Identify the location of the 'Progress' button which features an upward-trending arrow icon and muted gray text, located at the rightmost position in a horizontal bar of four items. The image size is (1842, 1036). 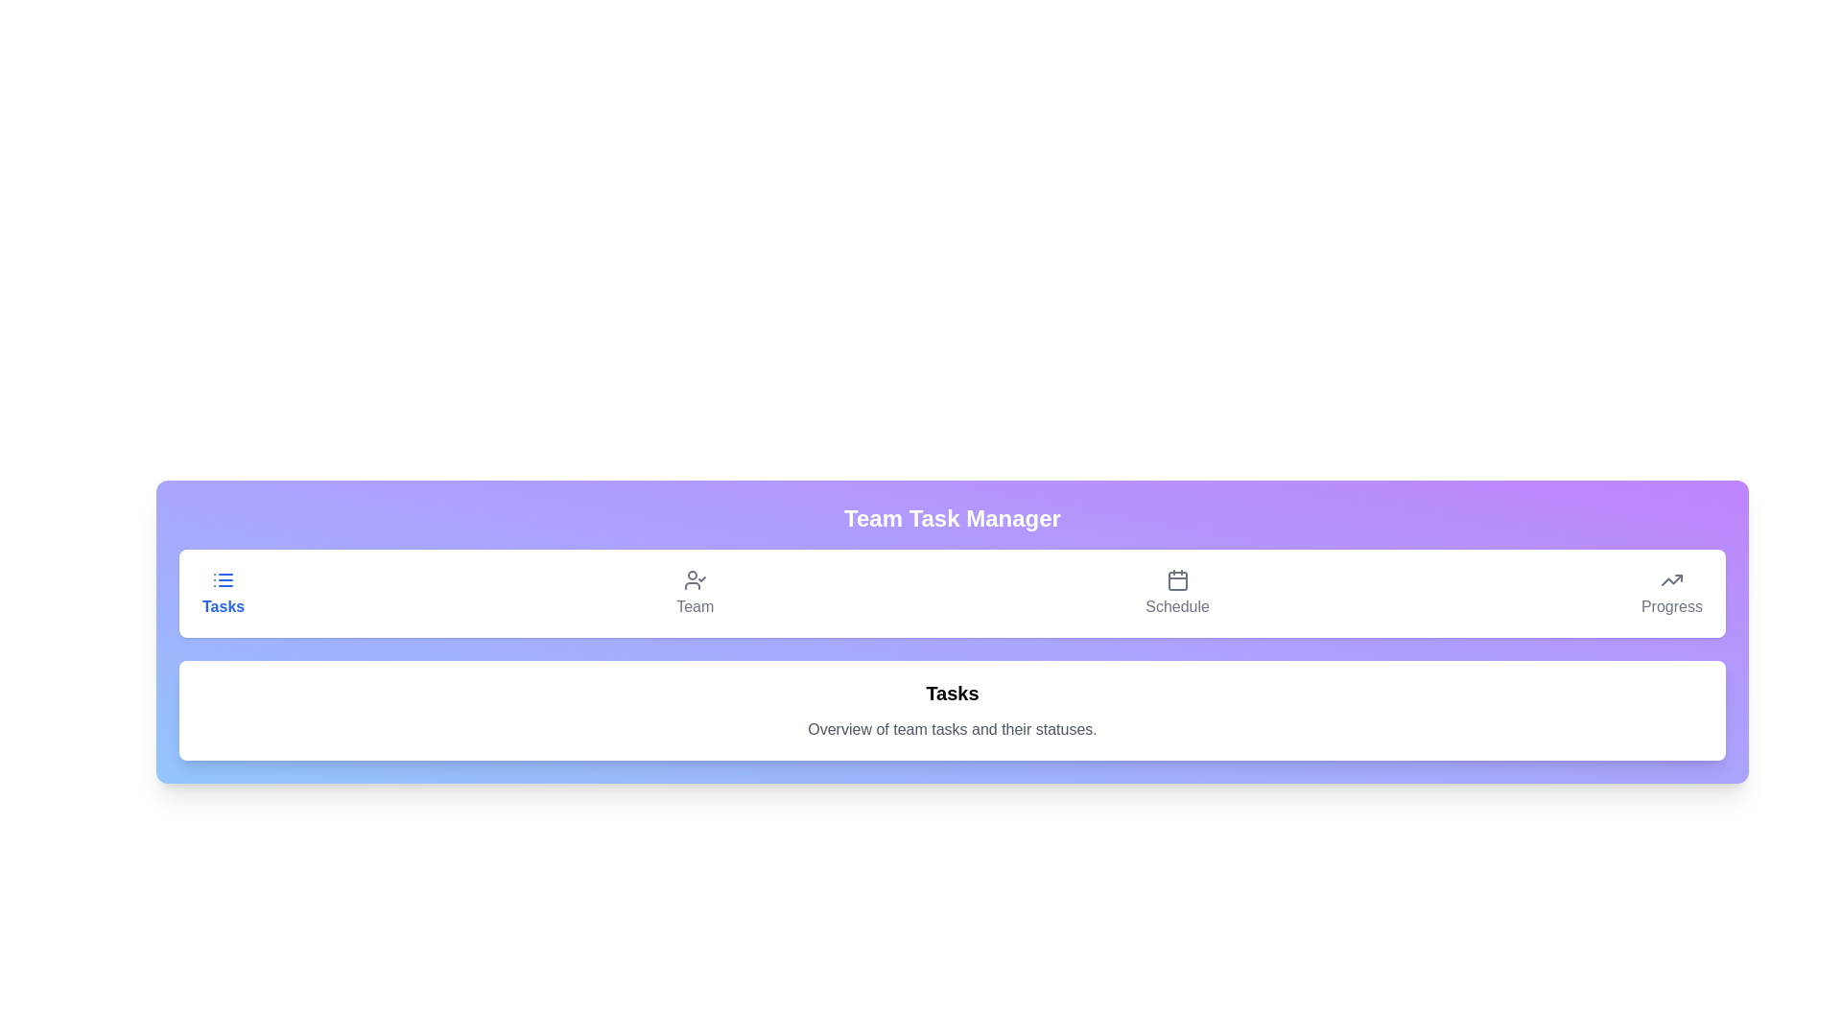
(1670, 592).